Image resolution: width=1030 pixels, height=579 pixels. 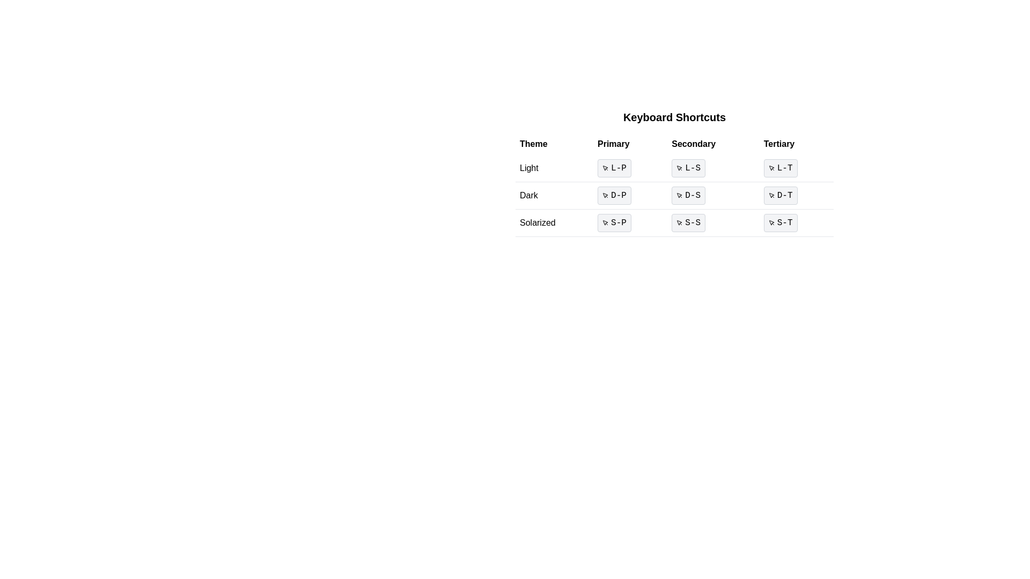 What do you see at coordinates (630, 168) in the screenshot?
I see `the button located in the 'Light' row of the structured table under the 'Primary' column` at bounding box center [630, 168].